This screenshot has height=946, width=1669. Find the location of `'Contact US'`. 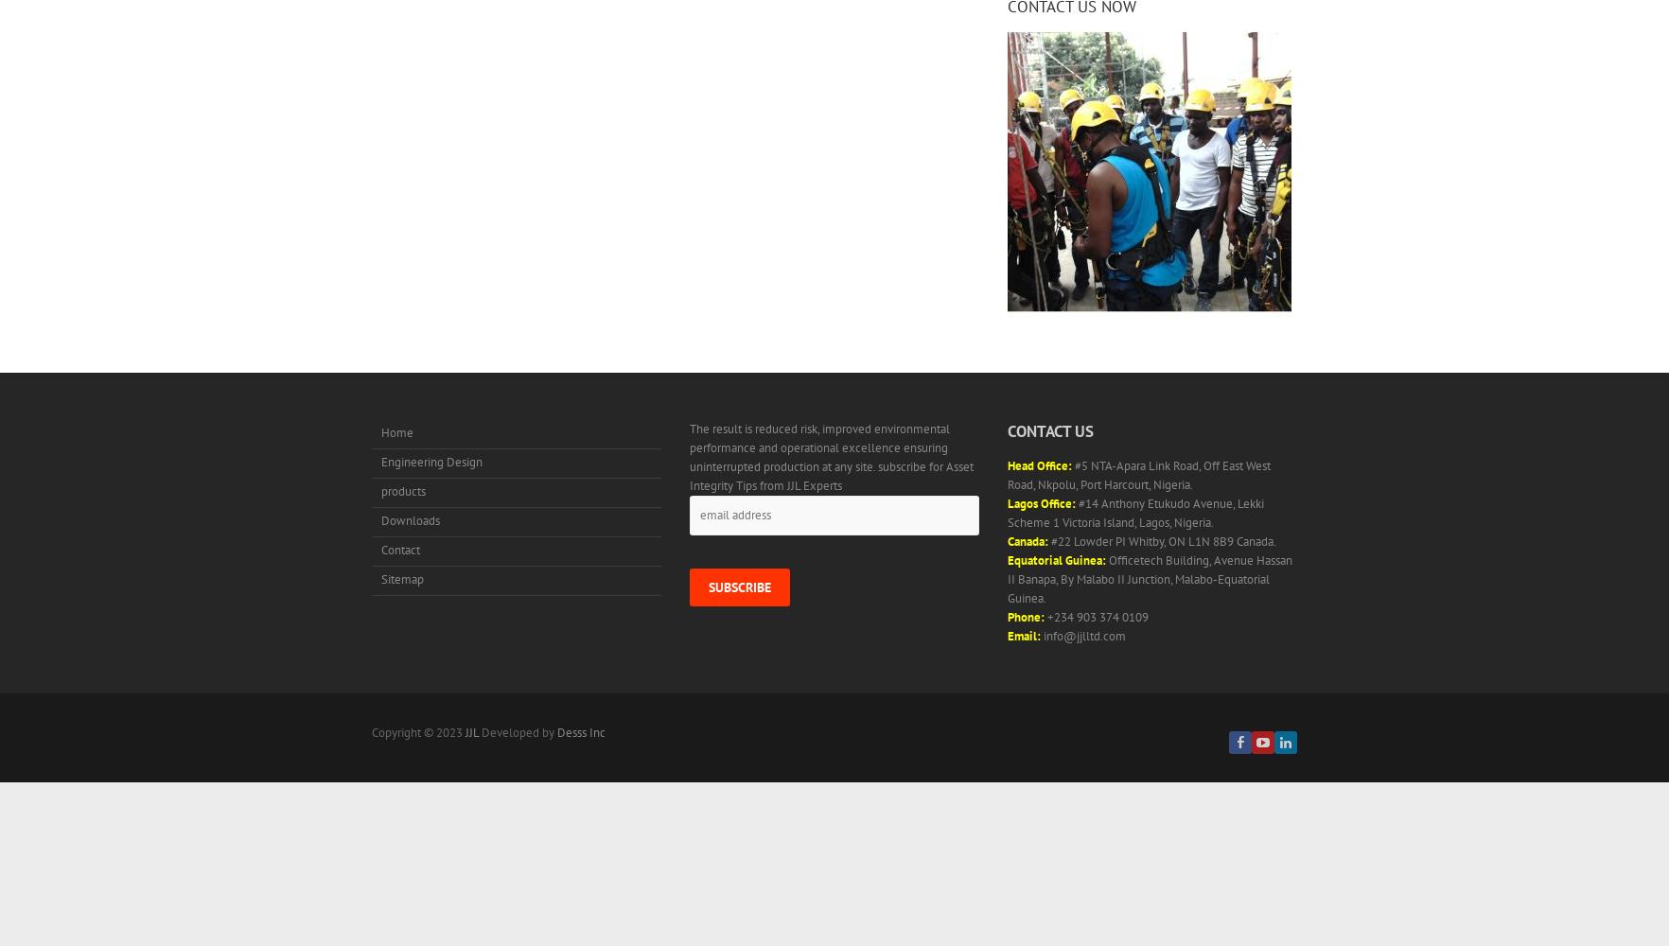

'Contact US' is located at coordinates (1049, 430).